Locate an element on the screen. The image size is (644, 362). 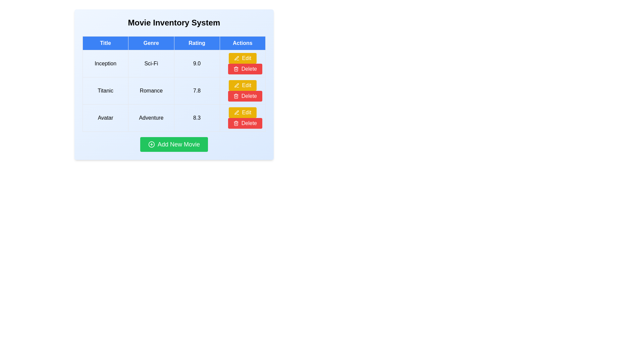
the Text Label representing the genre of the movie 'Avatar', which is located in the second cell of the 'Genre' column is located at coordinates (151, 117).